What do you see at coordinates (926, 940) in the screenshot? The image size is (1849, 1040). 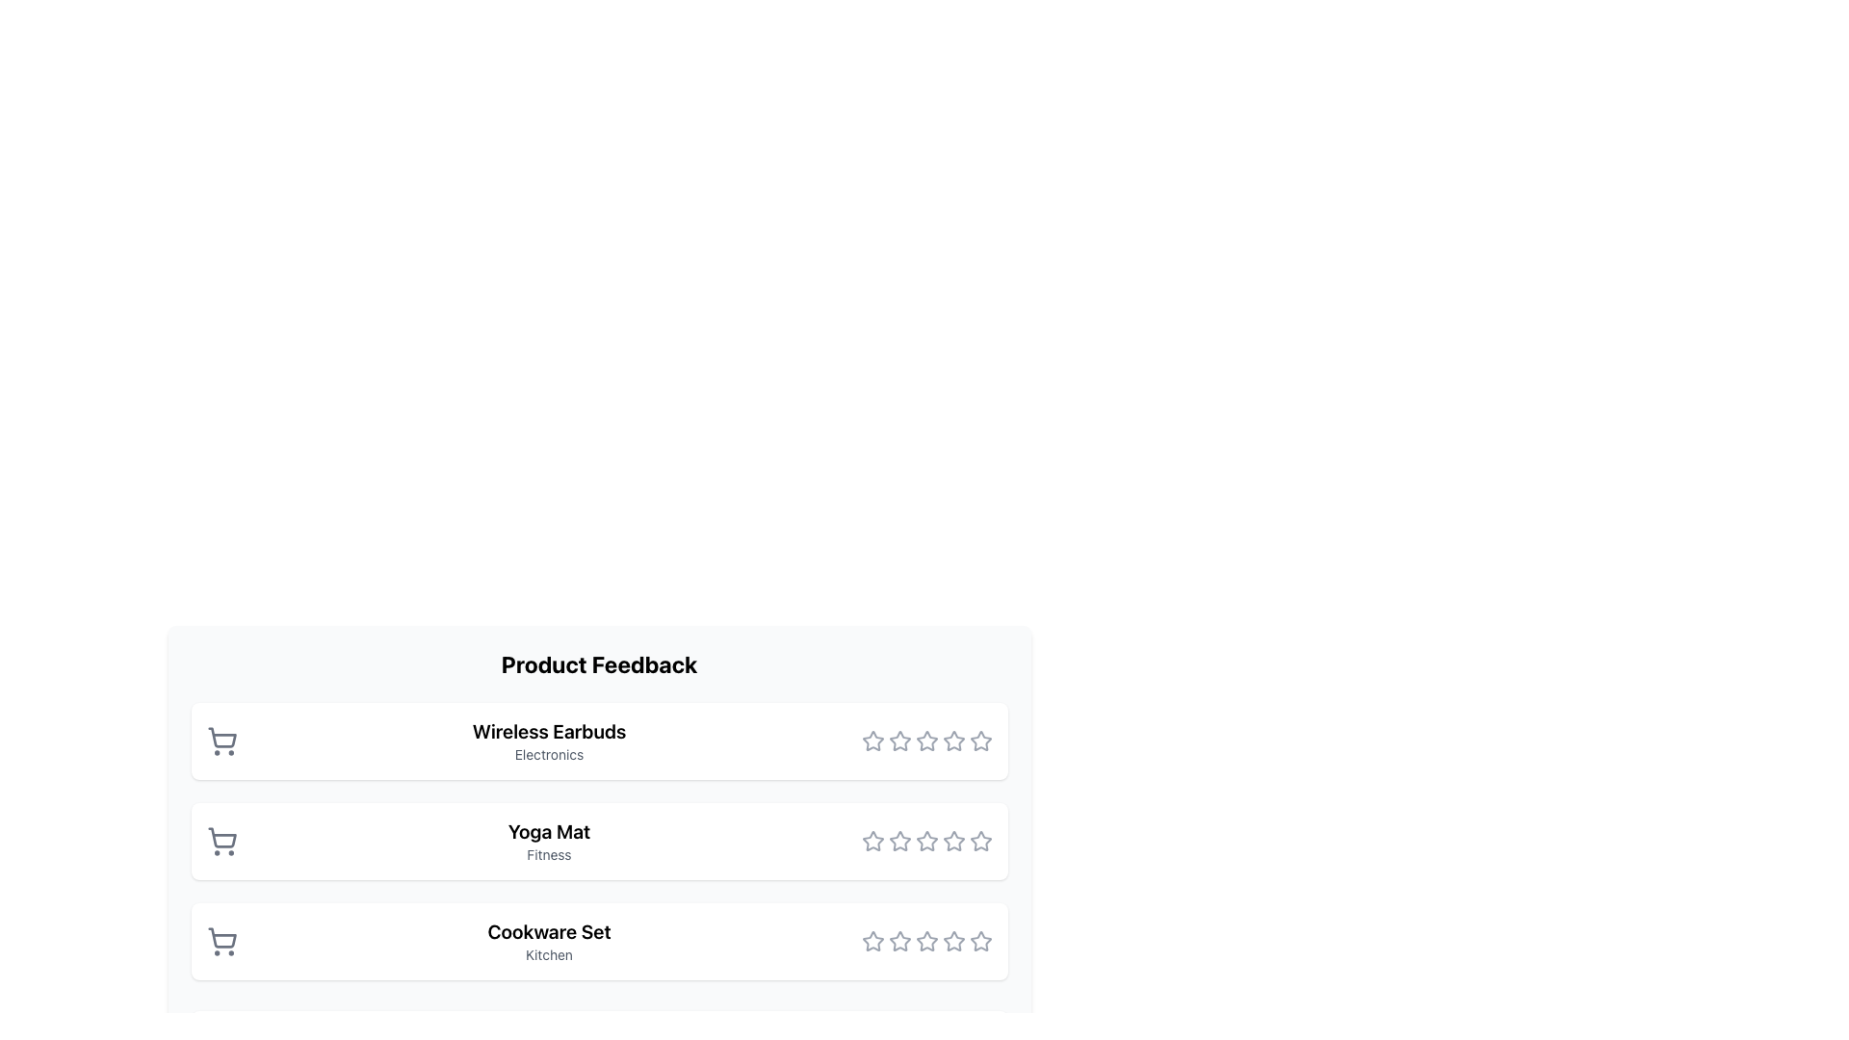 I see `the fifth star icon in the rating component for the 'Cookware Set'` at bounding box center [926, 940].